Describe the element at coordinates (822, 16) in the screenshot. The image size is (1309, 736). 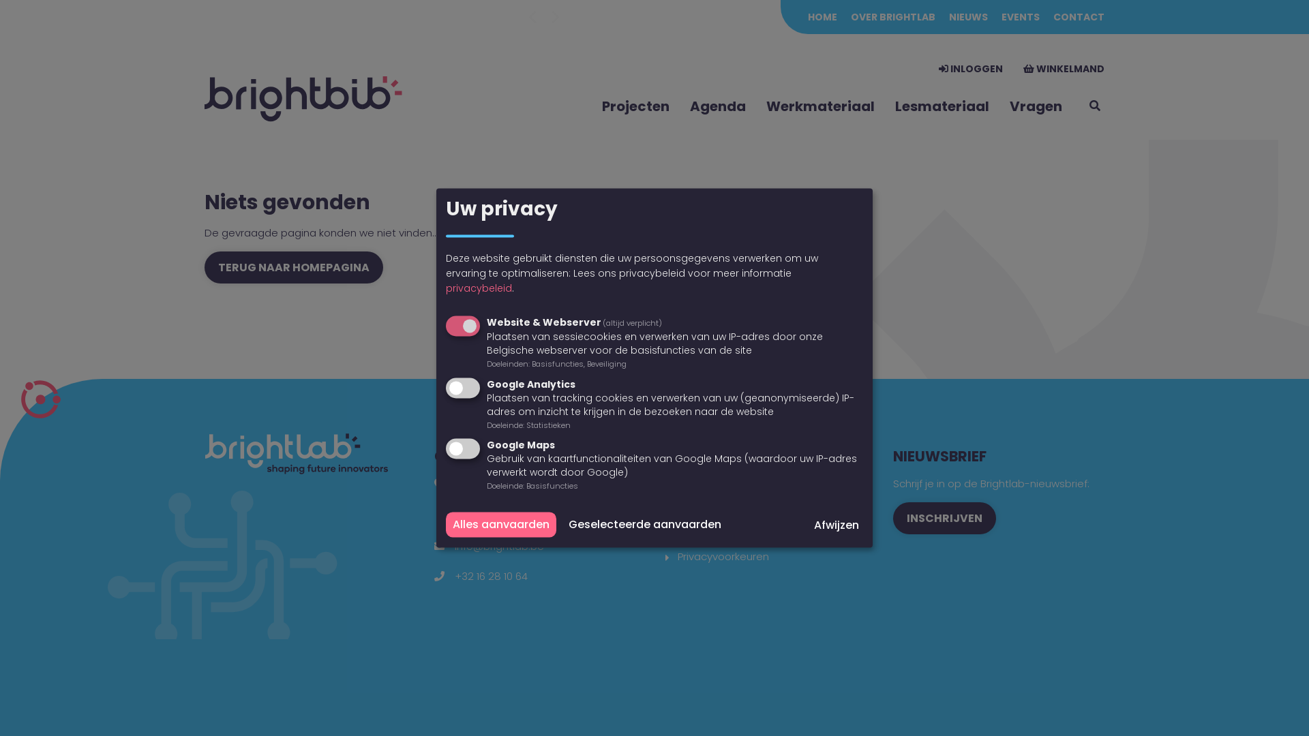
I see `'HOME'` at that location.